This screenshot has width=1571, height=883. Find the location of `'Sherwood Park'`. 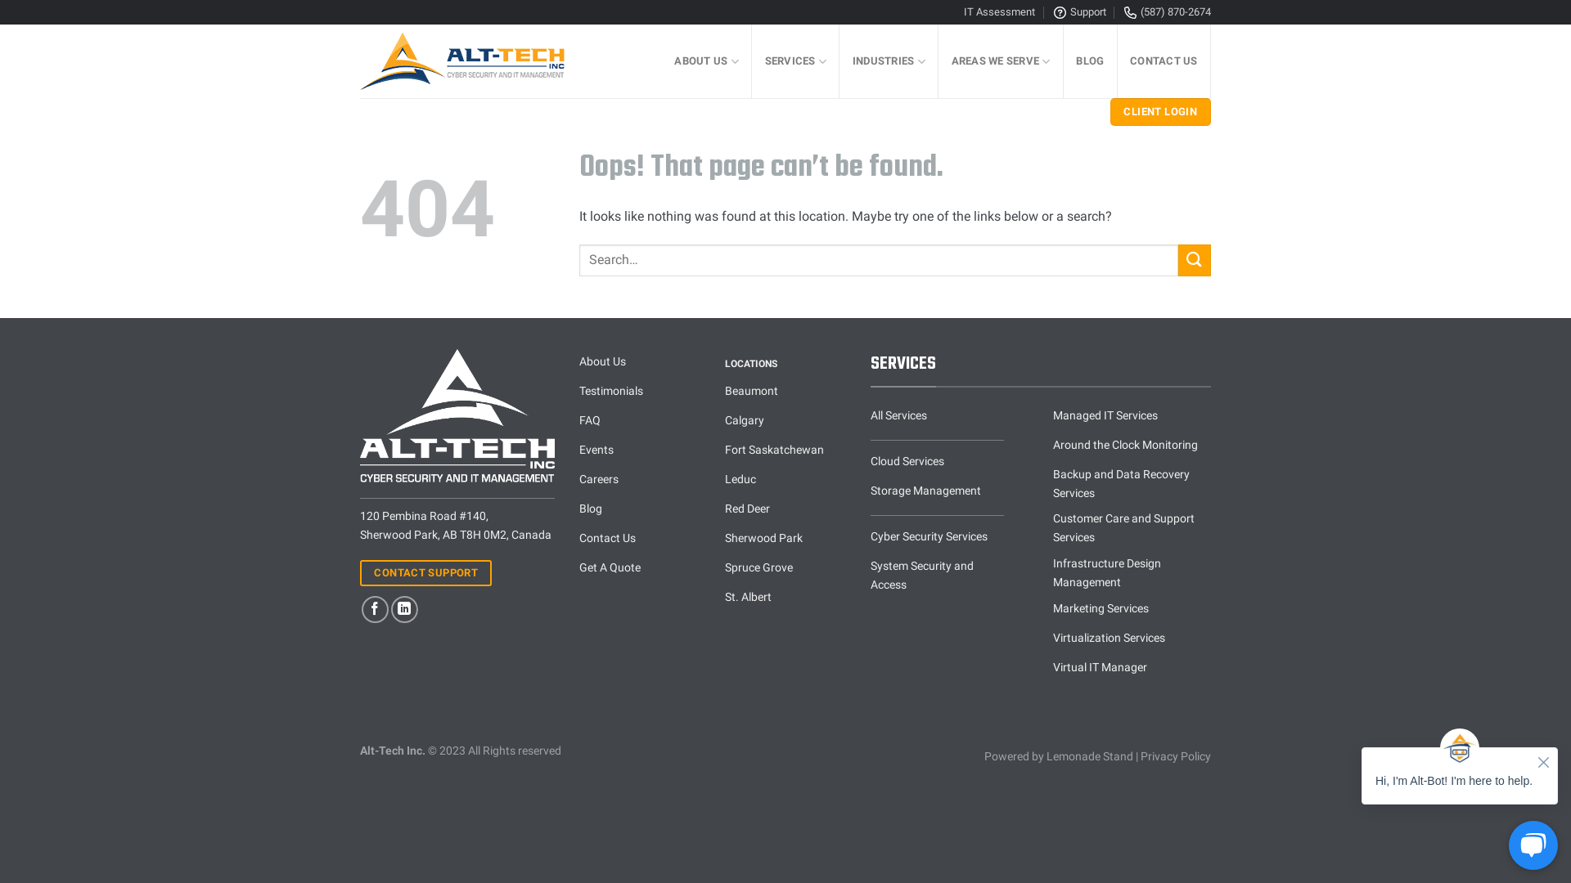

'Sherwood Park' is located at coordinates (785, 540).